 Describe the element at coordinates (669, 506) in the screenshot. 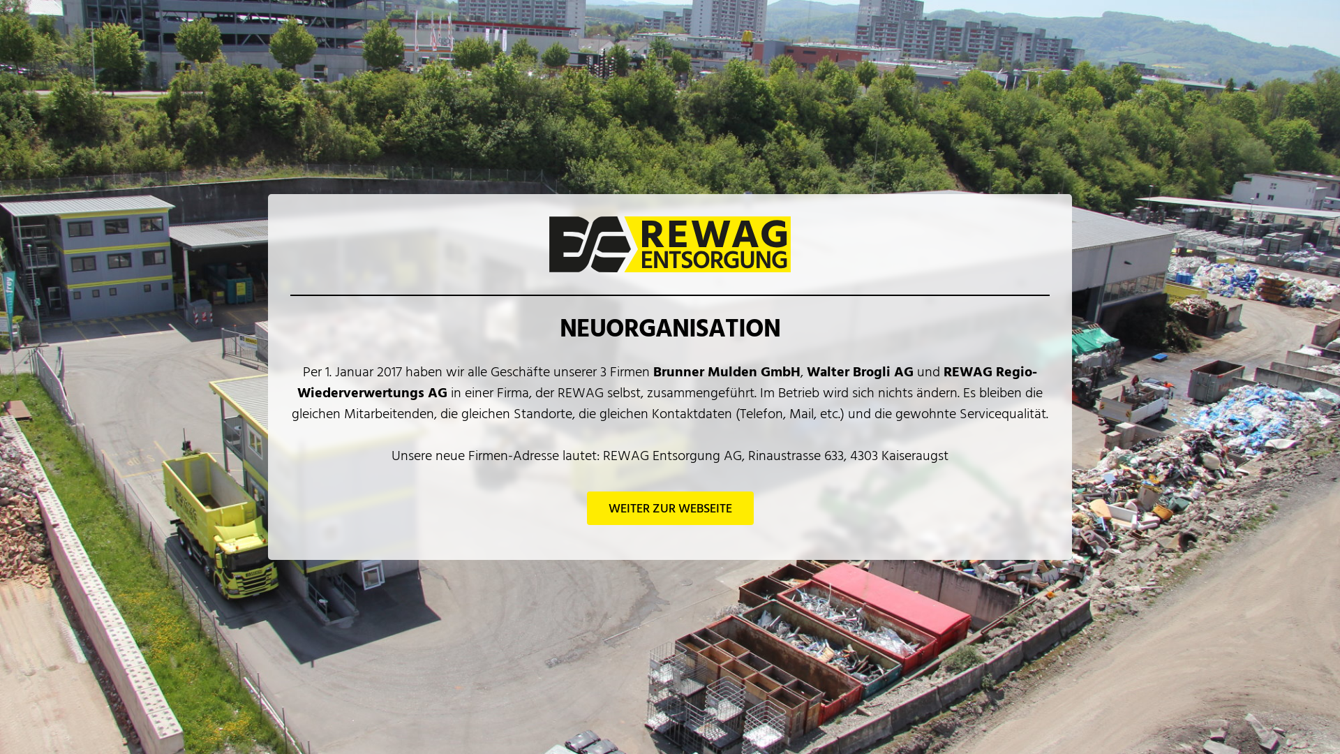

I see `'WEITER ZUR WEBSEITE'` at that location.